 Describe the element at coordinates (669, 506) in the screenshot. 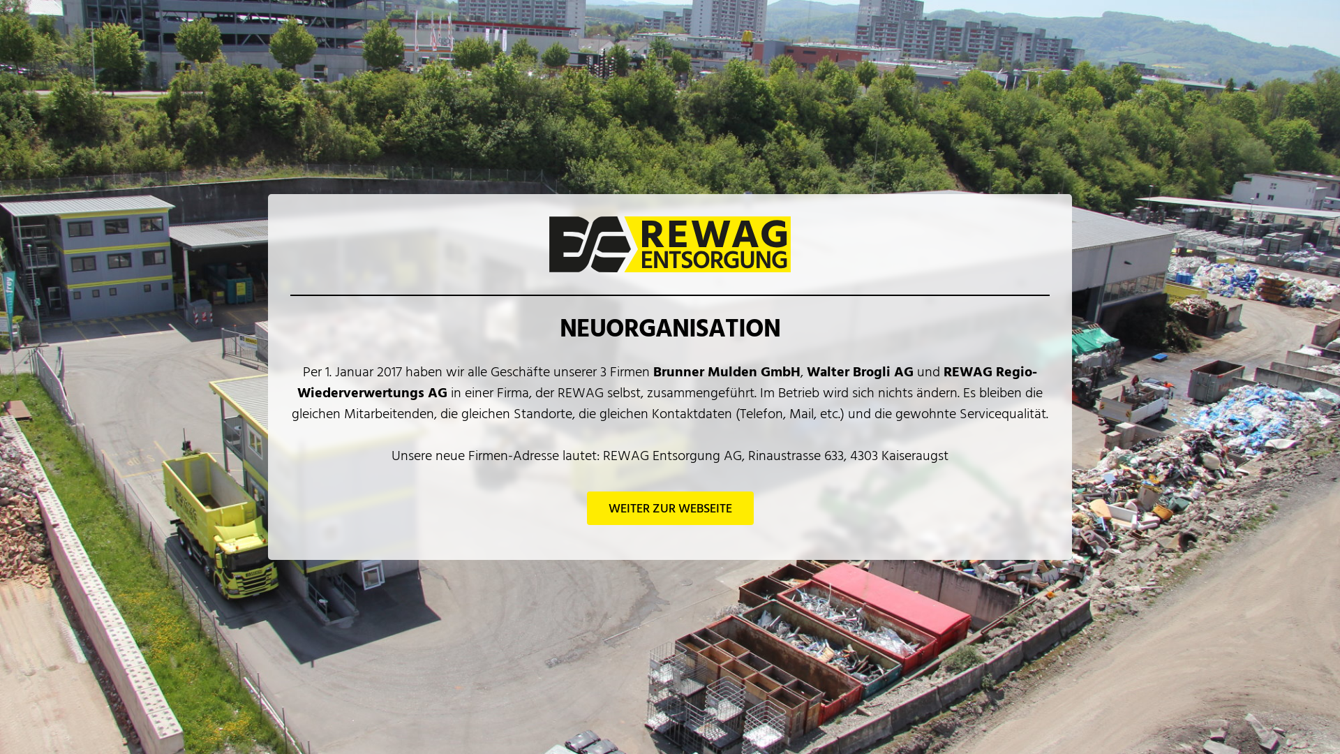

I see `'WEITER ZUR WEBSEITE'` at that location.